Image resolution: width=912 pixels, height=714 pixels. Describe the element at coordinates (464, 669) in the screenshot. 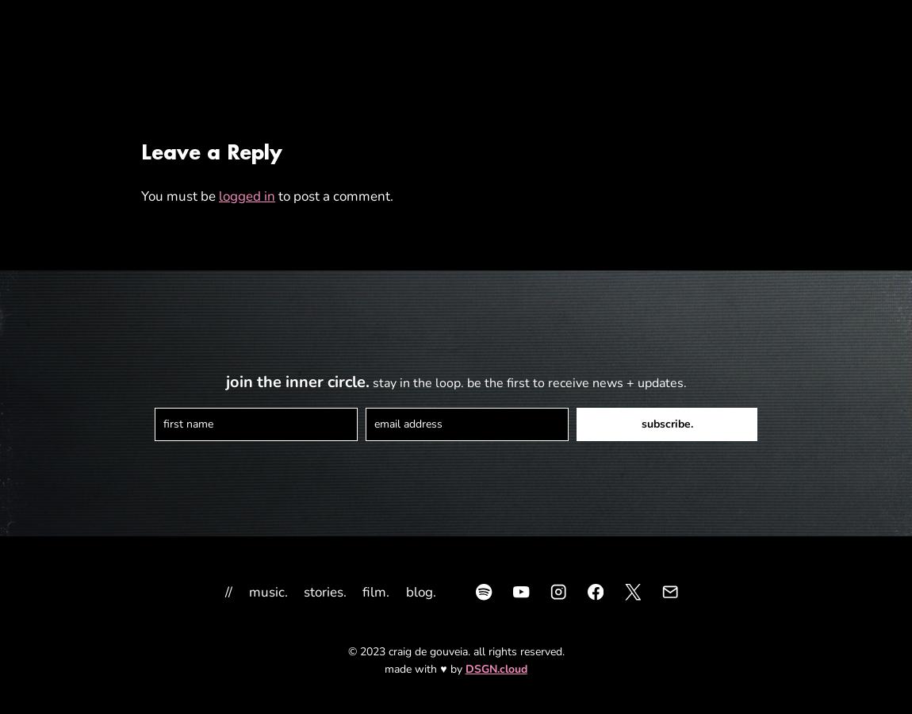

I see `'DSGN.cloud'` at that location.